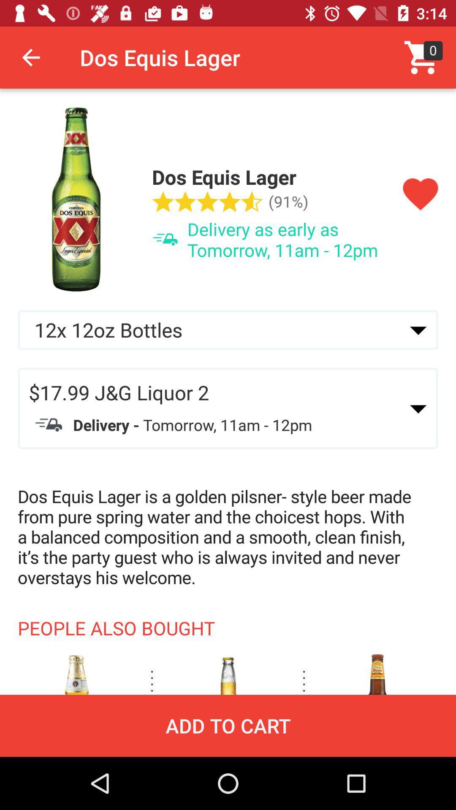  I want to click on the favorite icon, so click(420, 194).